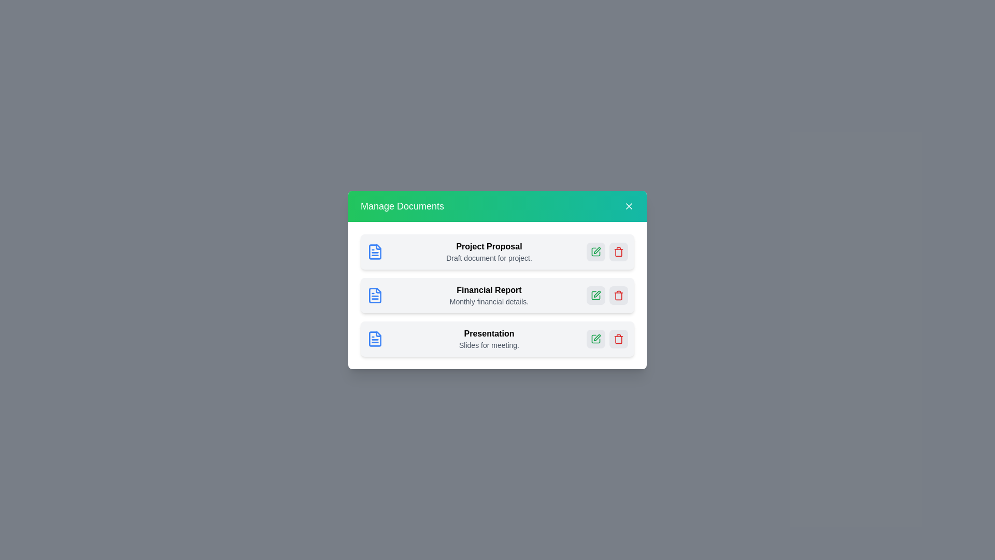 The image size is (995, 560). I want to click on the close button in the dialog's header to close the dialog, so click(629, 206).